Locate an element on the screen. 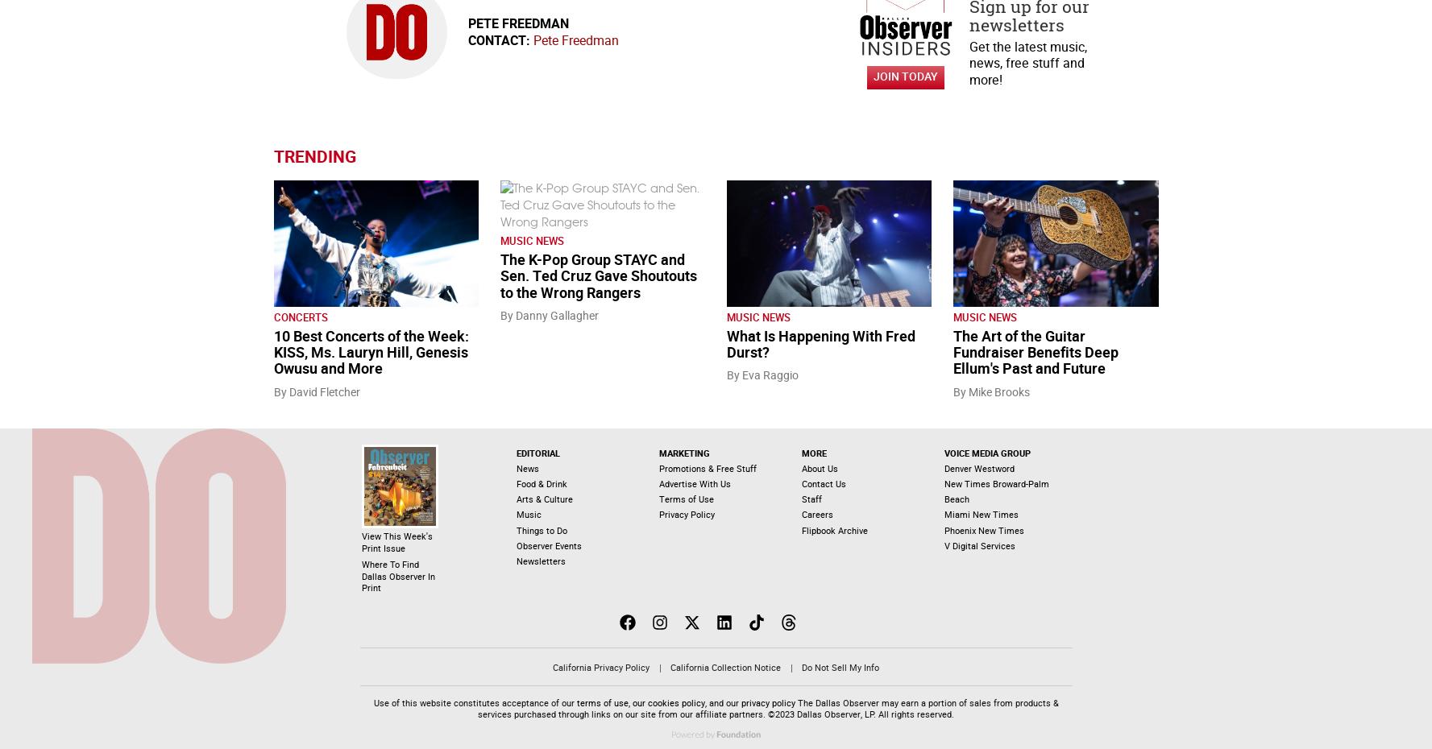 The width and height of the screenshot is (1432, 749). 'California Privacy Policy' is located at coordinates (600, 667).